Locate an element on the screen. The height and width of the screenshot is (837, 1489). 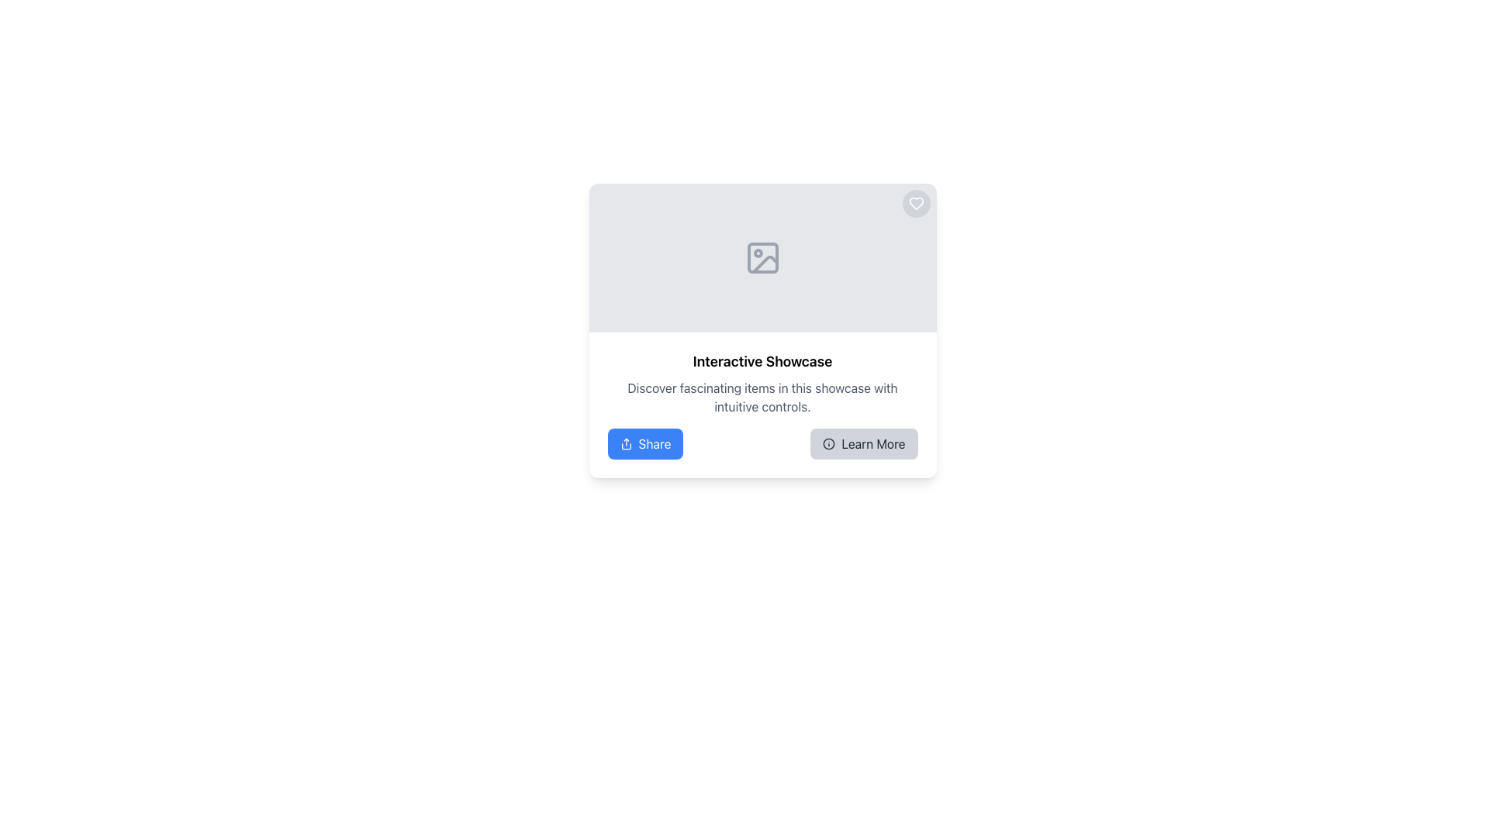
the heart icon located at the top-right corner of a gray circular button in the upper-right area of the card layout is located at coordinates (916, 202).